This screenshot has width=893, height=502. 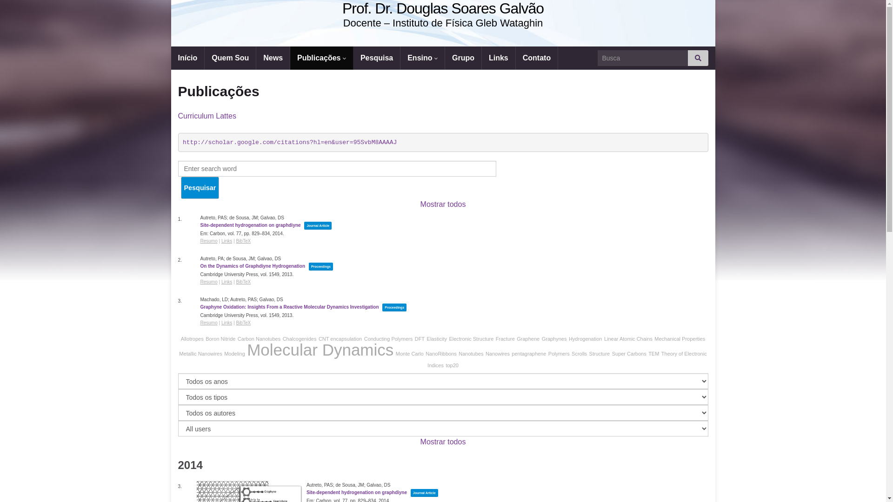 What do you see at coordinates (400, 58) in the screenshot?
I see `'Ensino'` at bounding box center [400, 58].